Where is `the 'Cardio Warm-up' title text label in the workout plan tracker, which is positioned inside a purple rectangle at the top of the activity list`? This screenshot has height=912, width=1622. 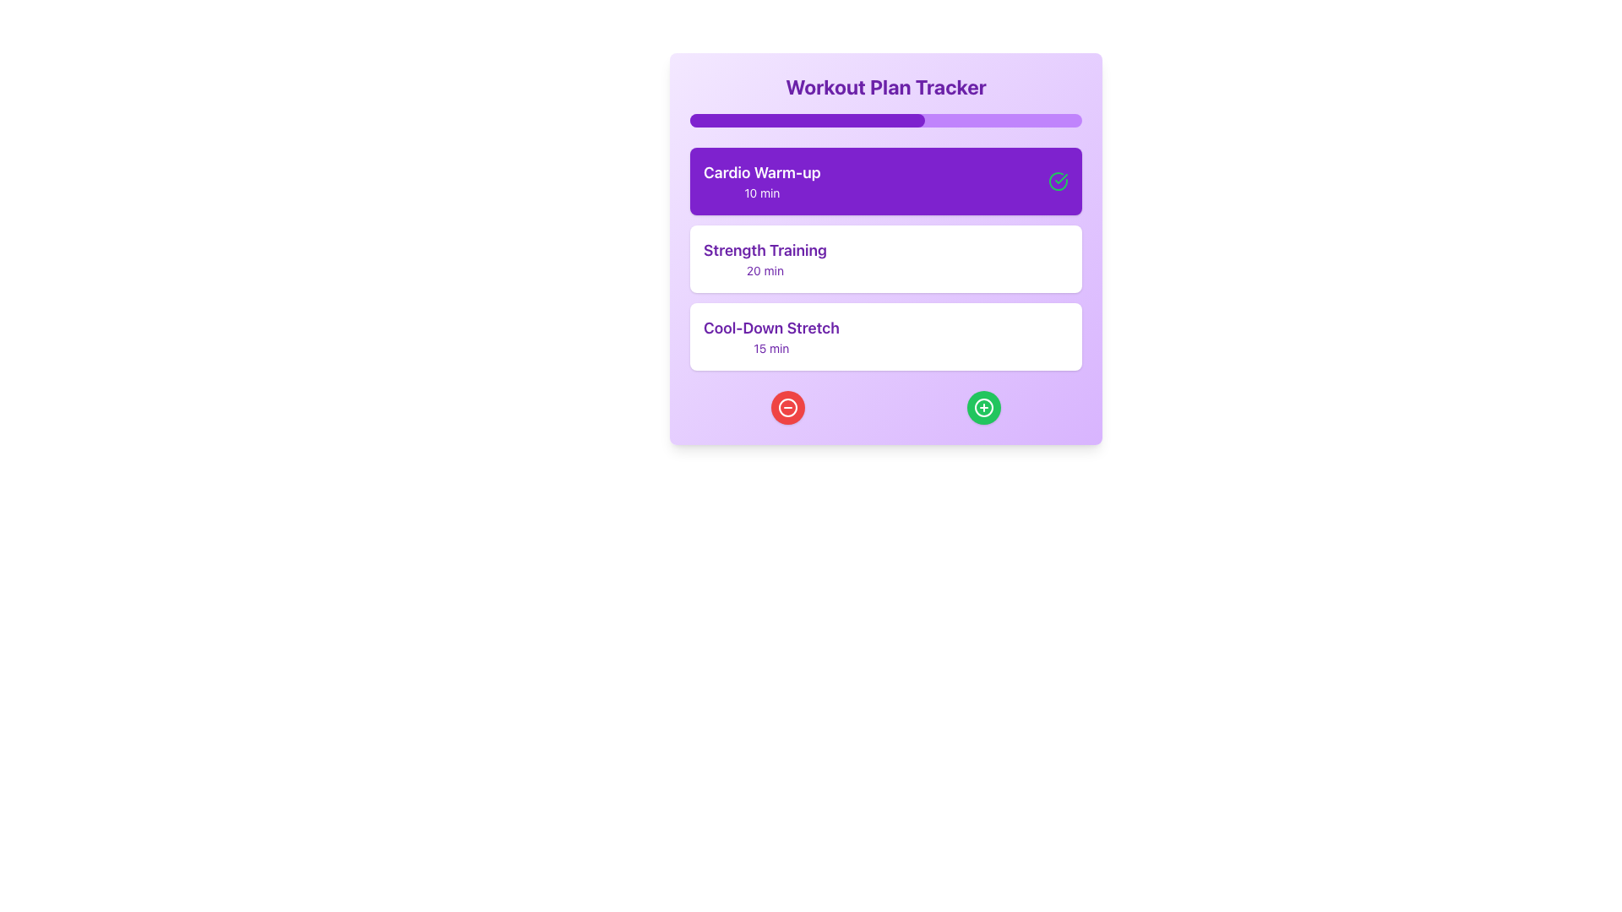 the 'Cardio Warm-up' title text label in the workout plan tracker, which is positioned inside a purple rectangle at the top of the activity list is located at coordinates (761, 172).